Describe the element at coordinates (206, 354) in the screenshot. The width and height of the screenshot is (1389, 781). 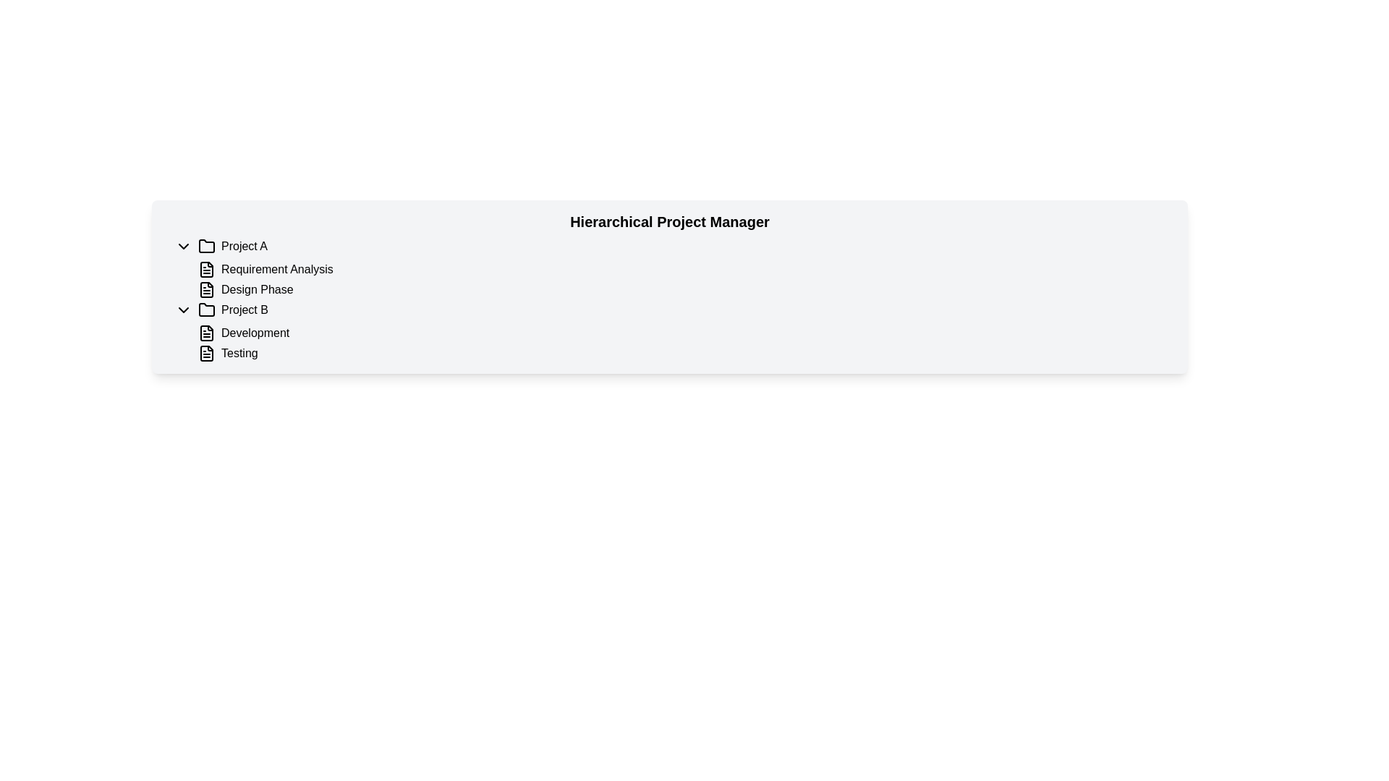
I see `the document icon representing the 'Testing' item, which is located to the left of the text 'Testing' in the lower part of the 'Project B' component` at that location.